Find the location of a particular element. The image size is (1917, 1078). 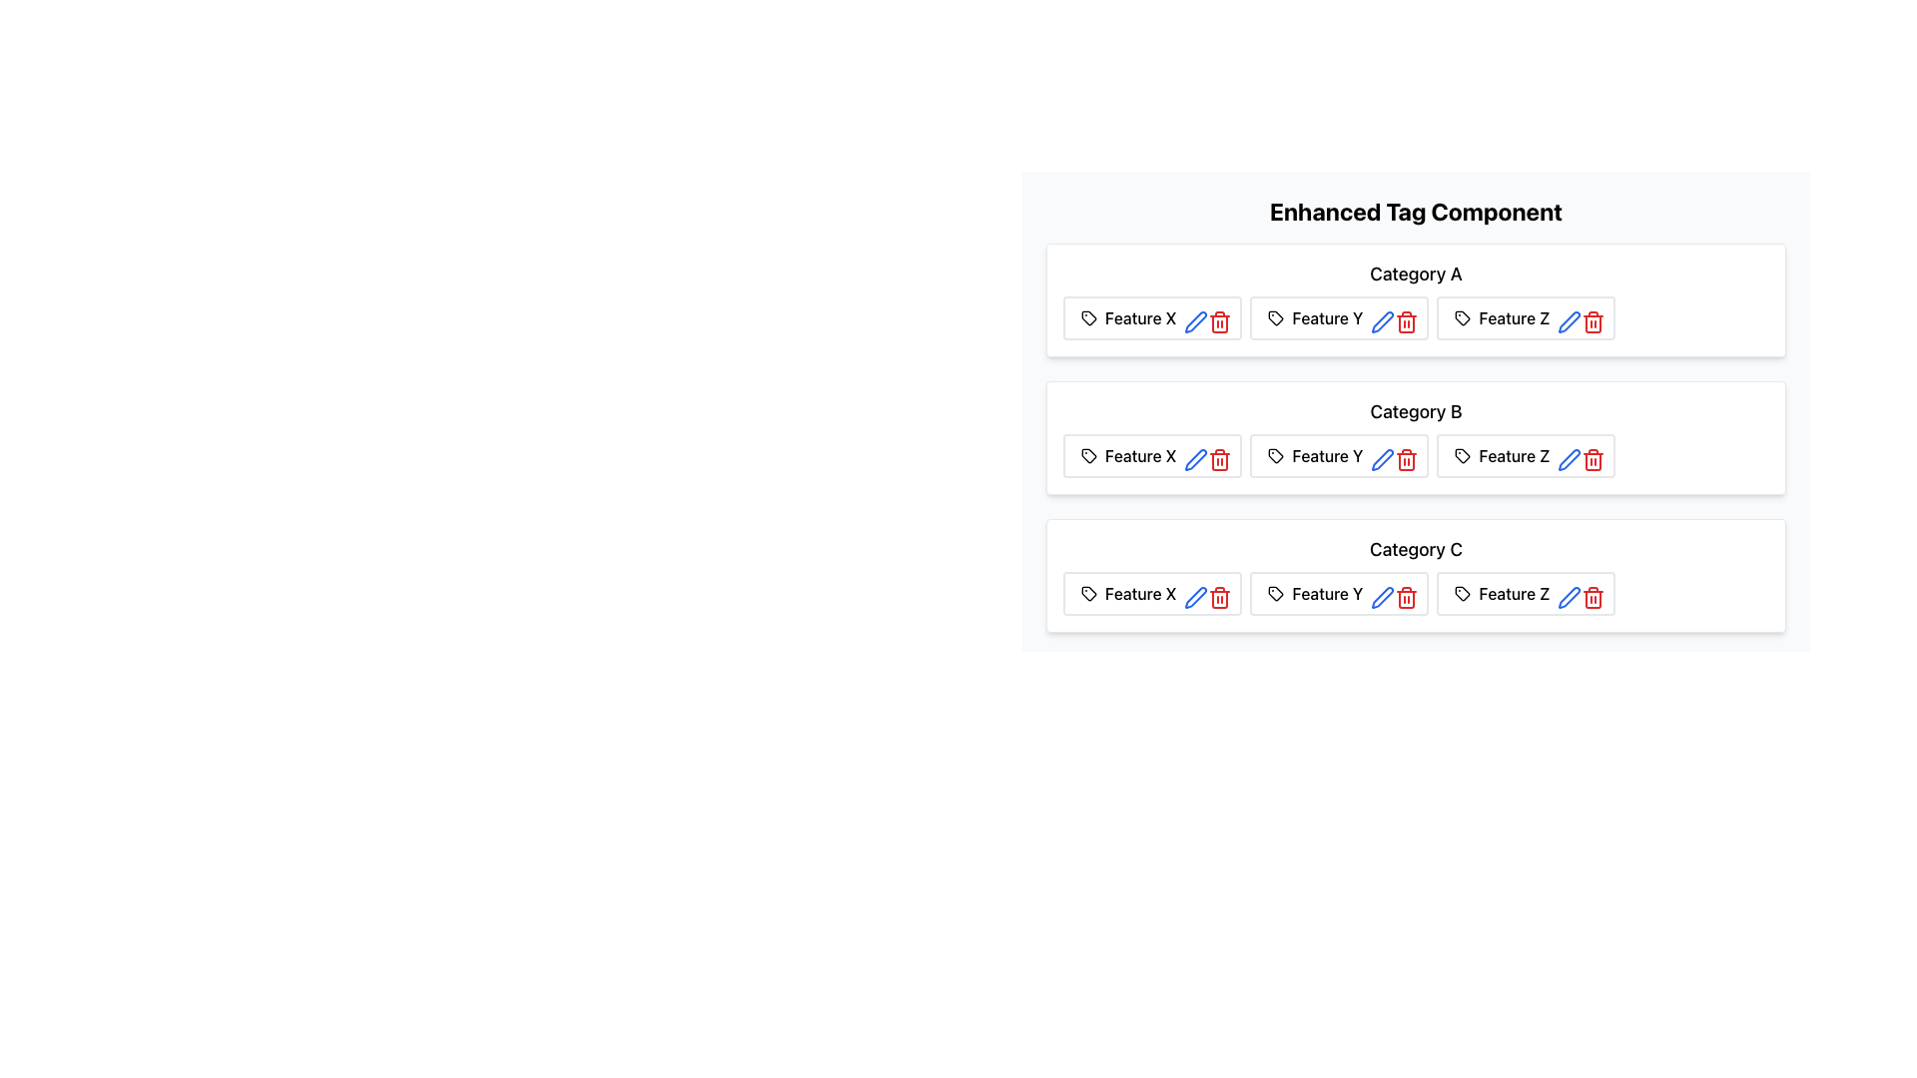

the first button labeled 'Feature X' in the second row of the 'Enhanced Tag Component' layout is located at coordinates (1152, 455).